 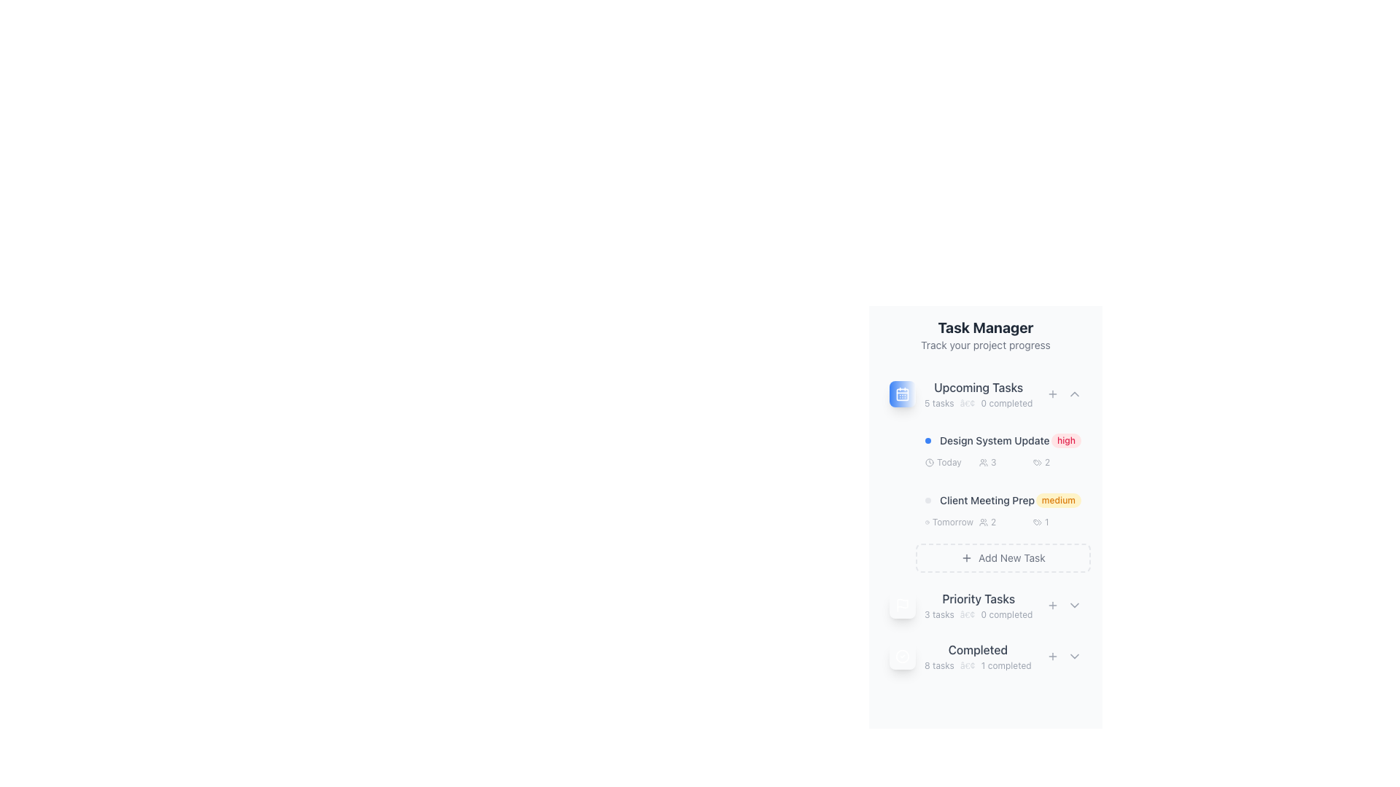 What do you see at coordinates (968, 666) in the screenshot?
I see `the small, circular Separator icon located in the footer section of the 'Completed' tasks card, positioned between '8 tasks' and '1 completed'` at bounding box center [968, 666].